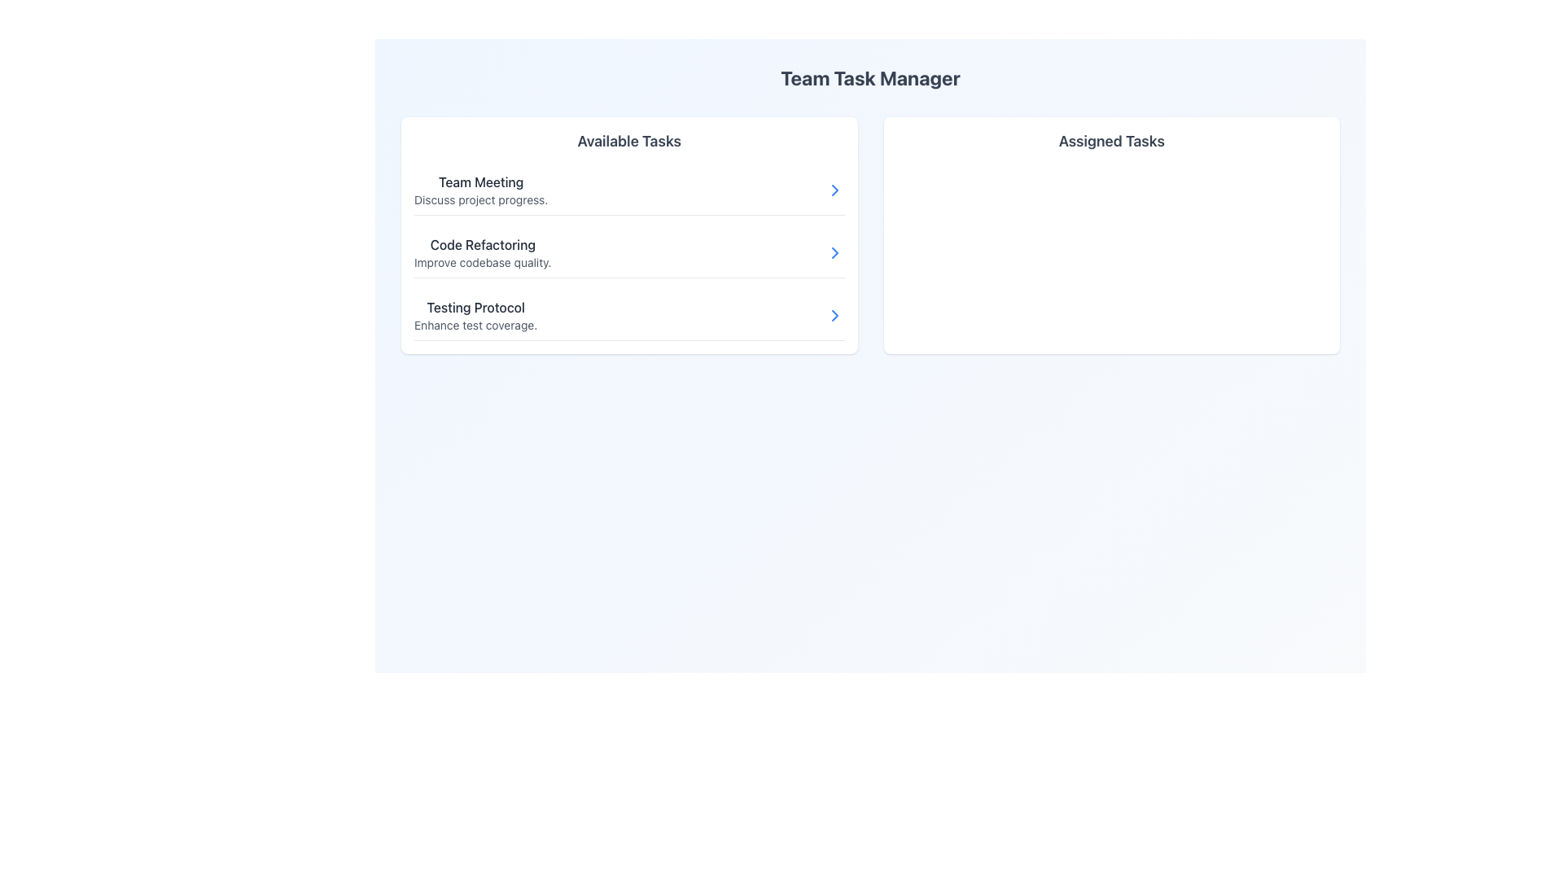 The image size is (1563, 879). What do you see at coordinates (480, 181) in the screenshot?
I see `the 'Team Meeting' text label, which is the first item in the 'Available Tasks' card, styled in bold, medium-sized dark gray font` at bounding box center [480, 181].